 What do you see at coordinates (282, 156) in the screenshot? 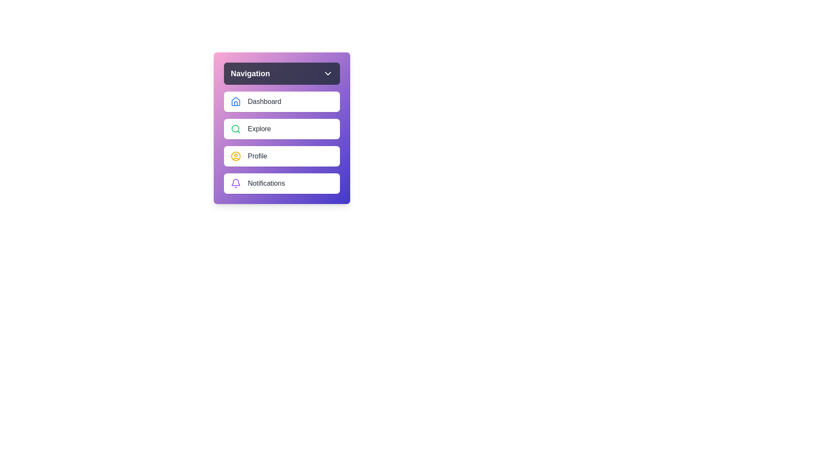
I see `the navigation item Profile from the menu` at bounding box center [282, 156].